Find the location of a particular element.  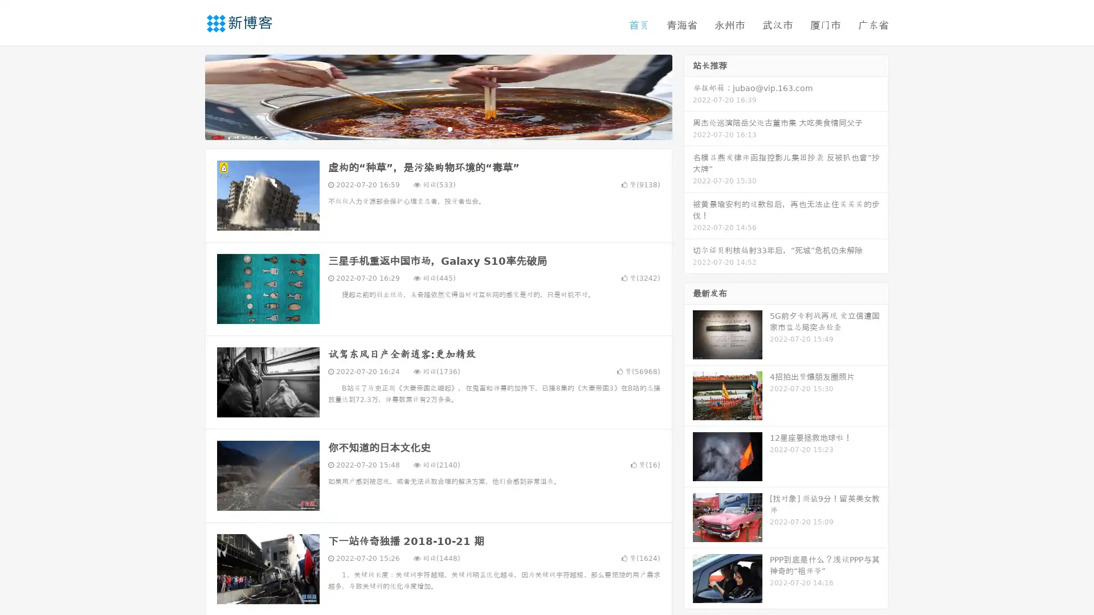

Next slide is located at coordinates (688, 96).